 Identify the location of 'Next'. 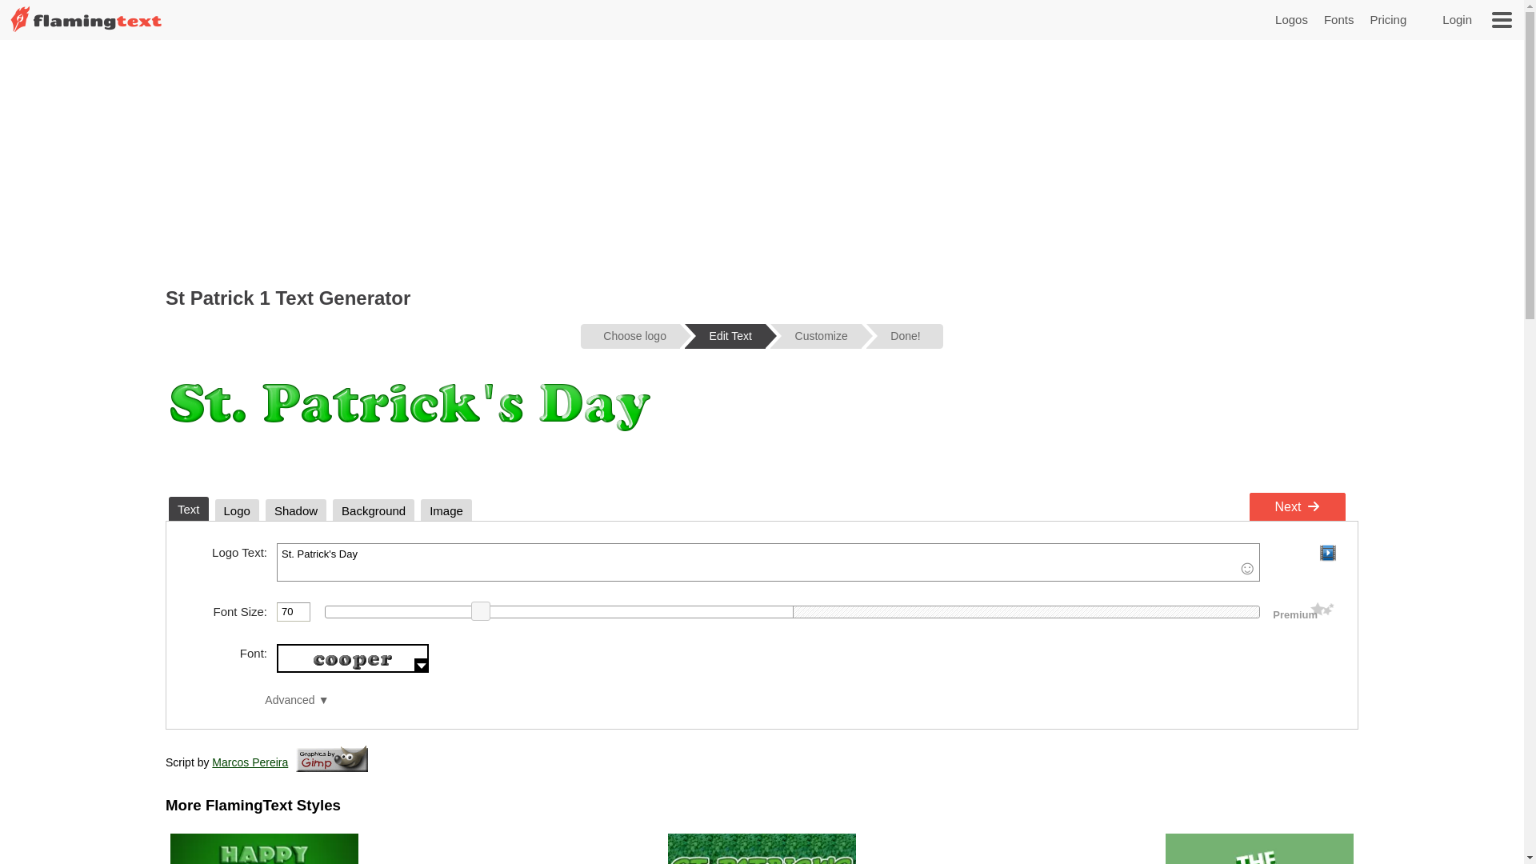
(1248, 506).